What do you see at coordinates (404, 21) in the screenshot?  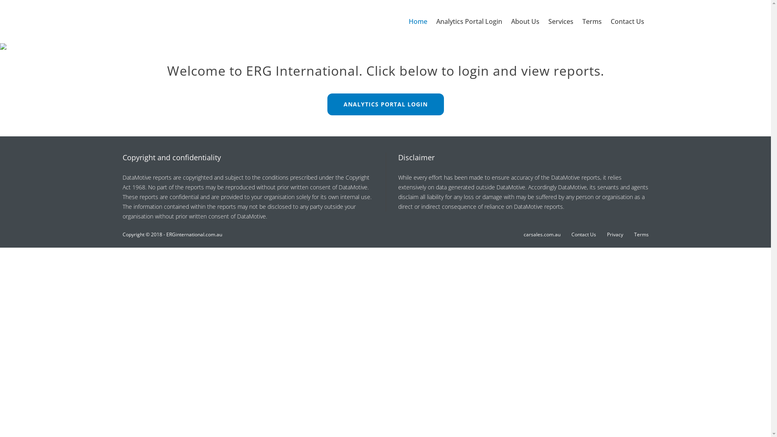 I see `'Home'` at bounding box center [404, 21].